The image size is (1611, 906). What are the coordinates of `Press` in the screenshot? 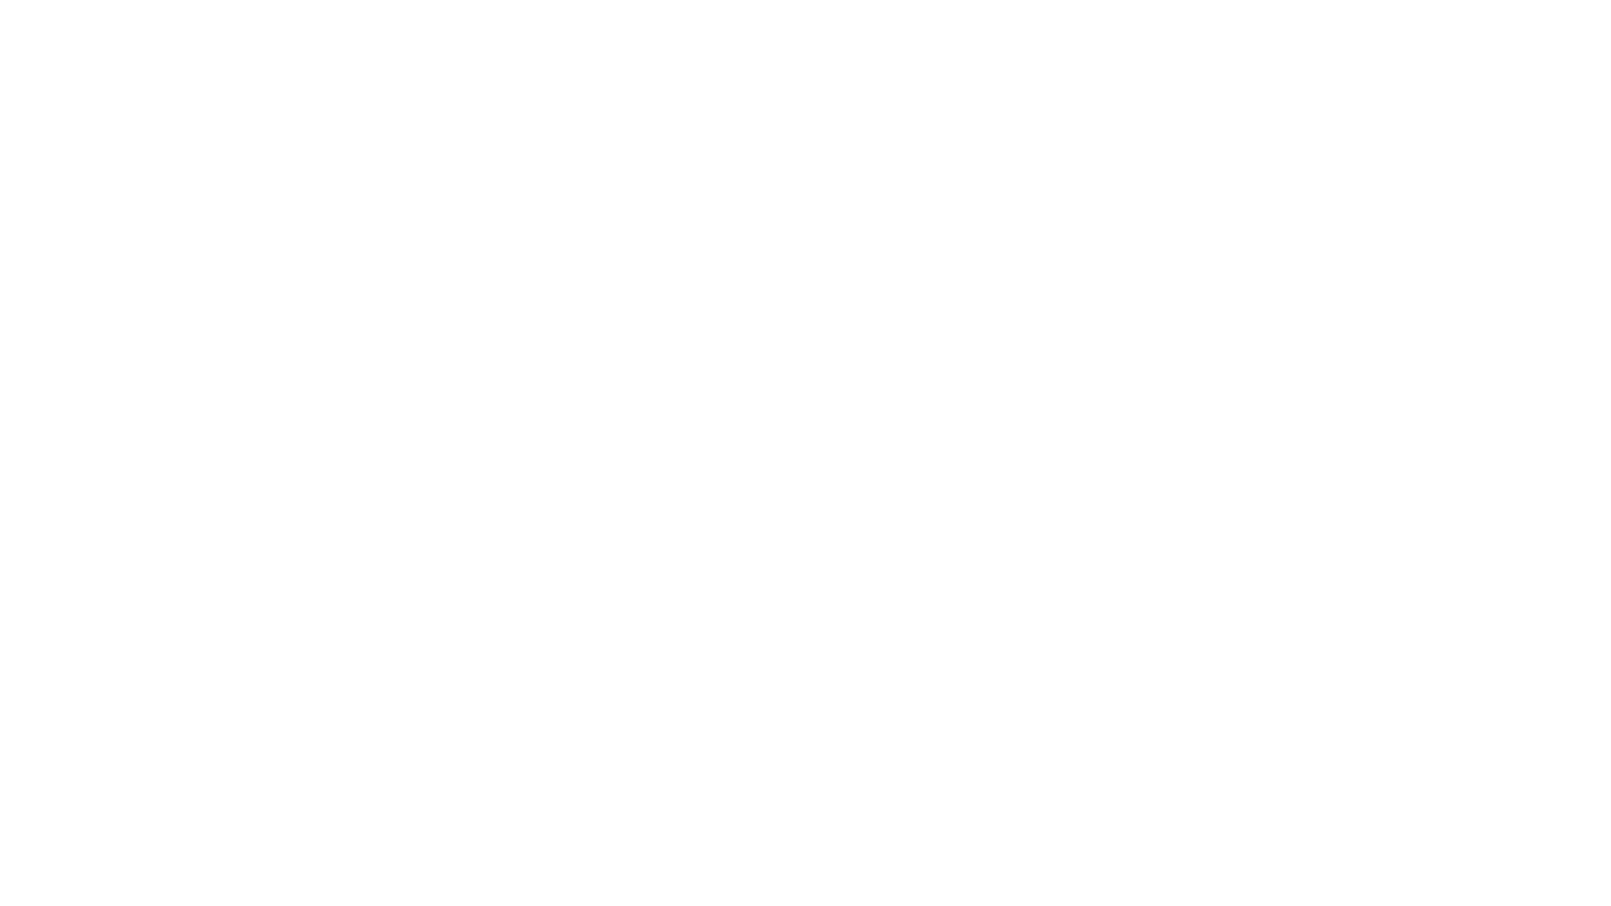 It's located at (144, 18).